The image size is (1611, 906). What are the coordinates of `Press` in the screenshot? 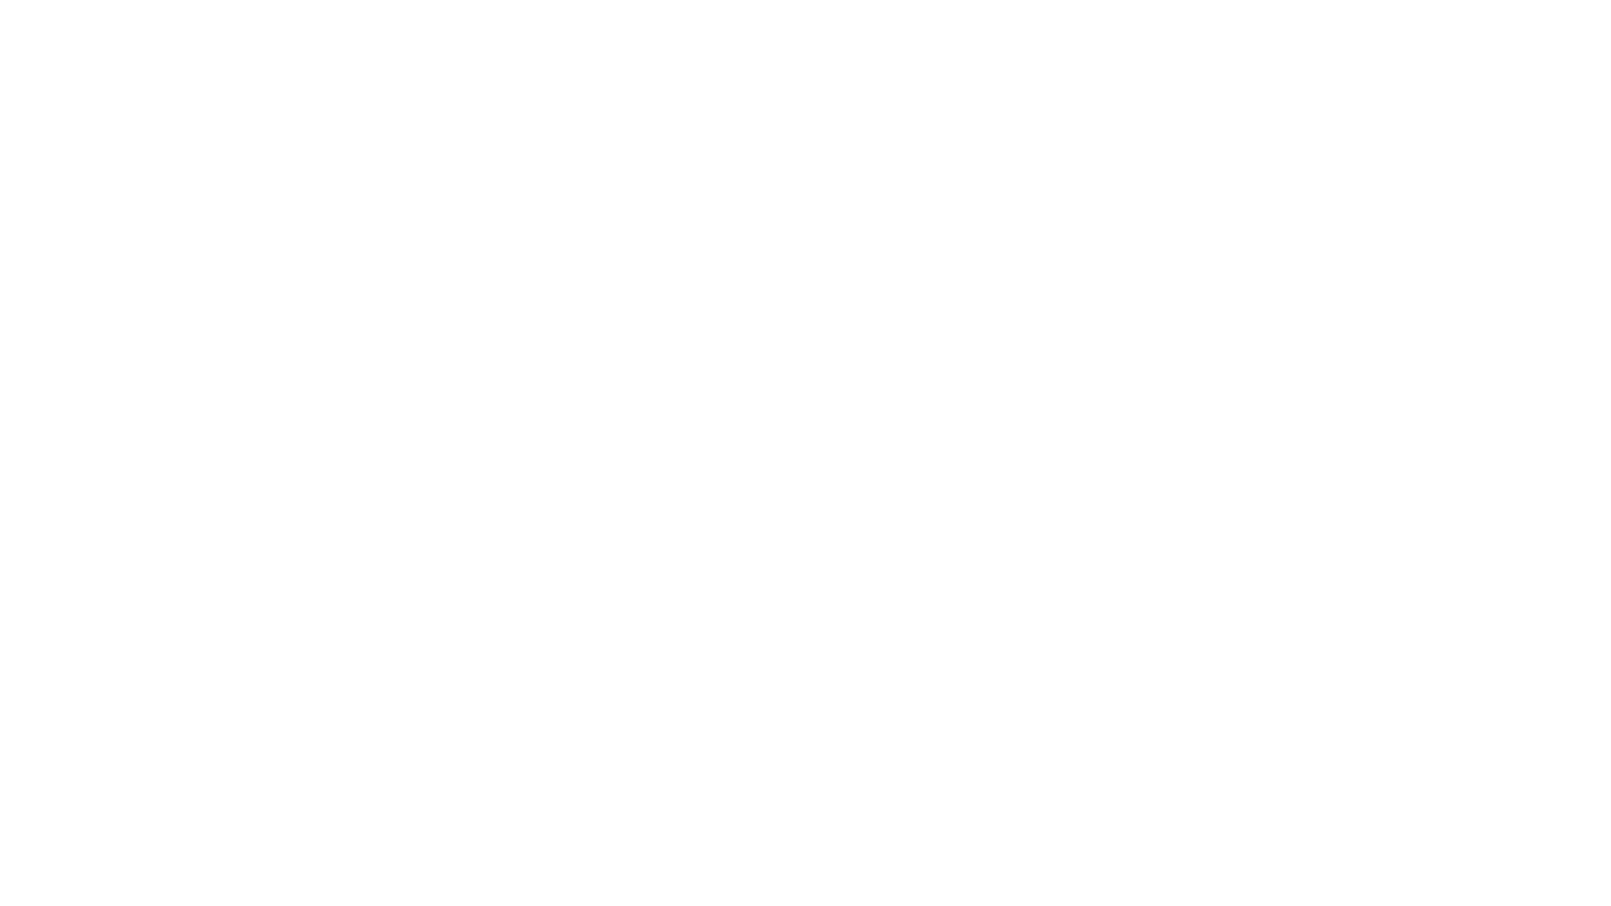 It's located at (144, 18).